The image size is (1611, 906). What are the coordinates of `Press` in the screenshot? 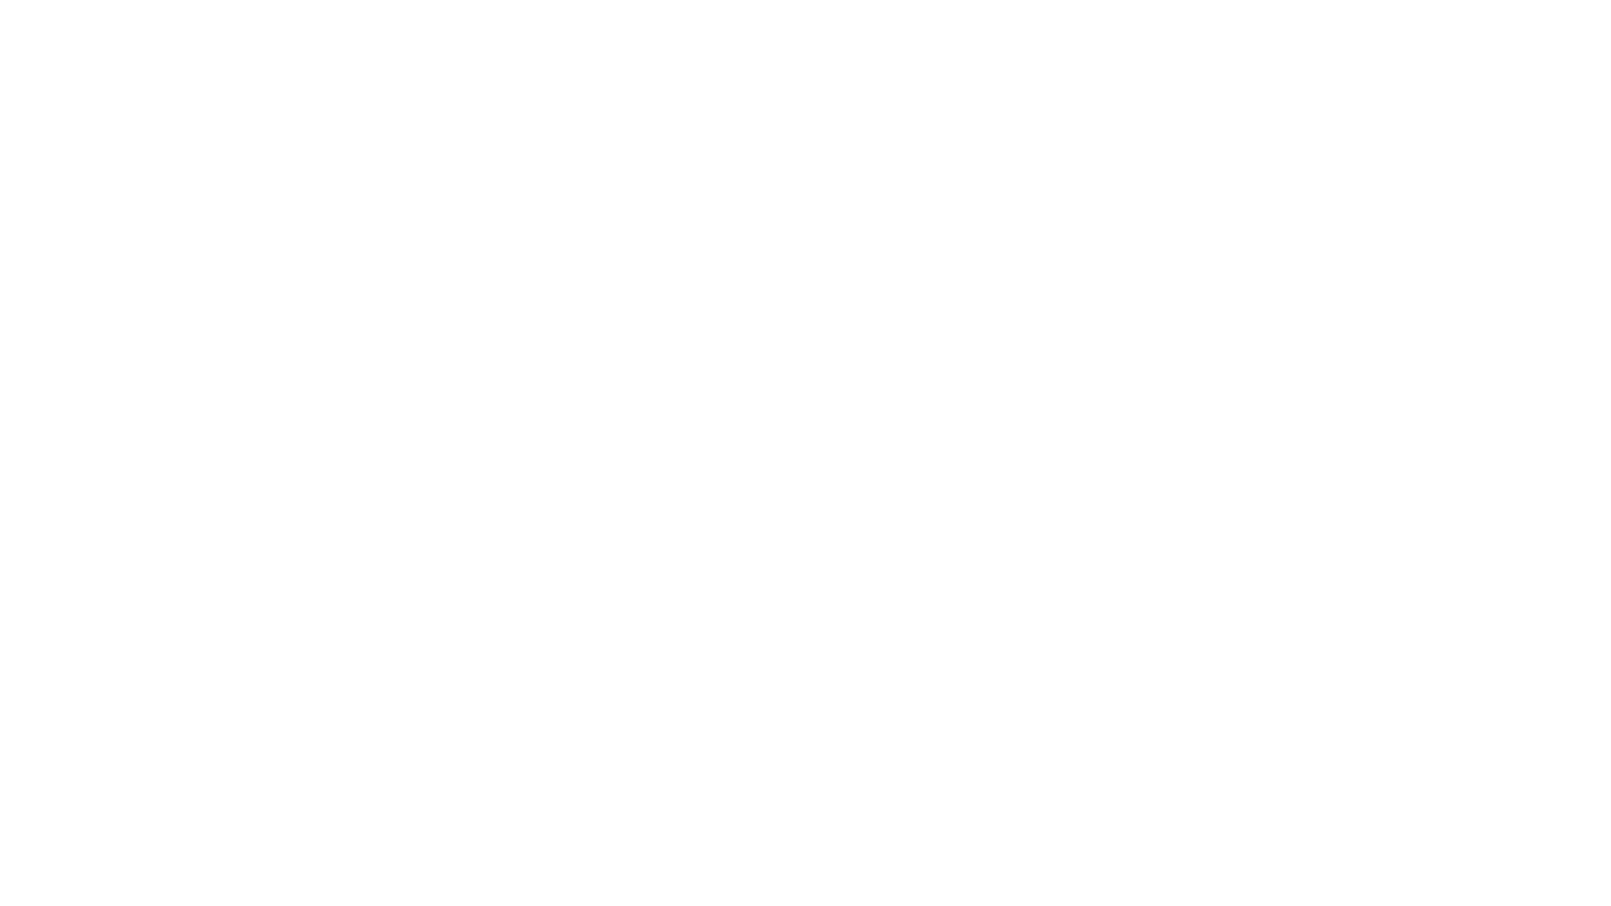 It's located at (144, 18).